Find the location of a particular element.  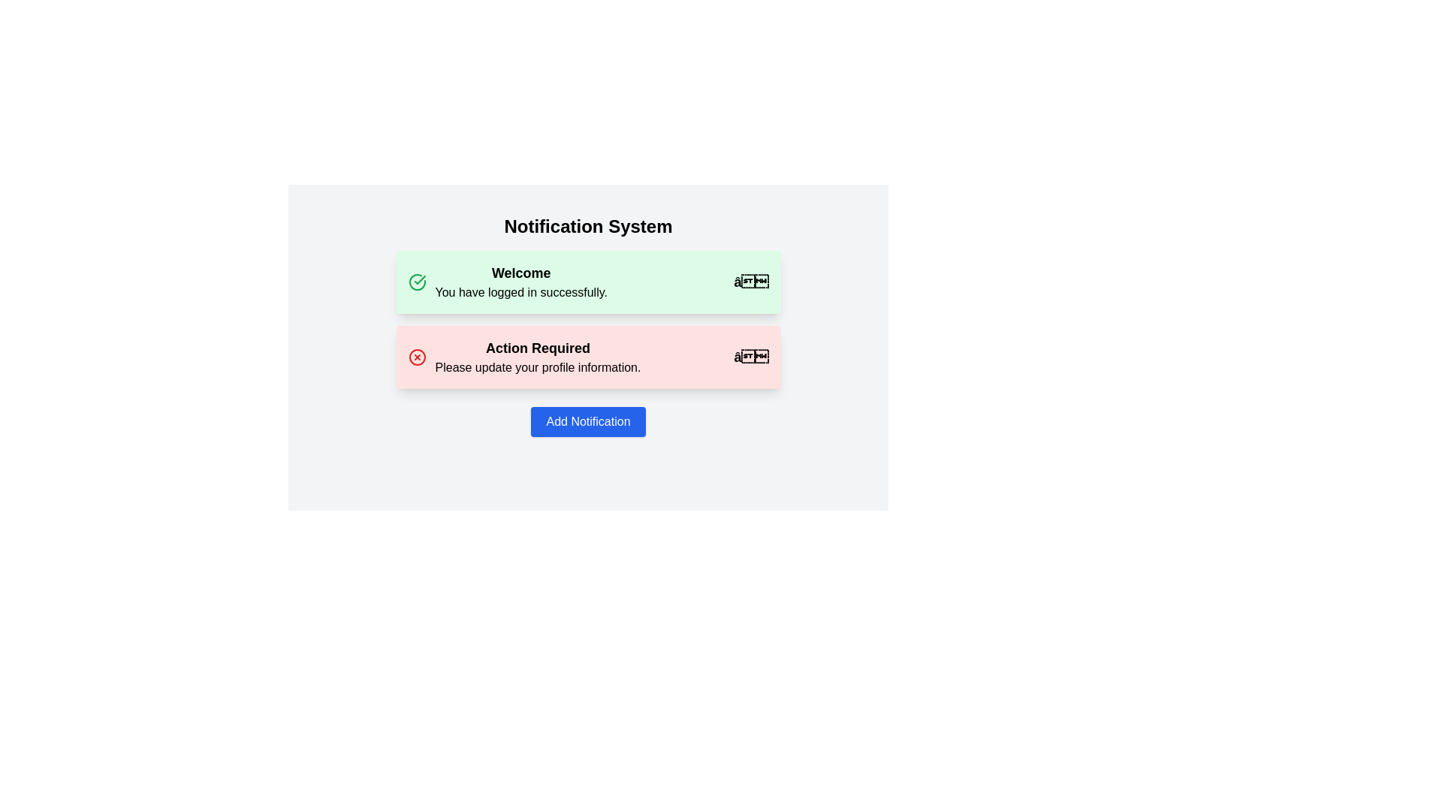

the circular icon with a red border and red 'X' symbol, located within the alert box with a red background, positioned on the left side of the text 'Action Required' is located at coordinates (417, 357).